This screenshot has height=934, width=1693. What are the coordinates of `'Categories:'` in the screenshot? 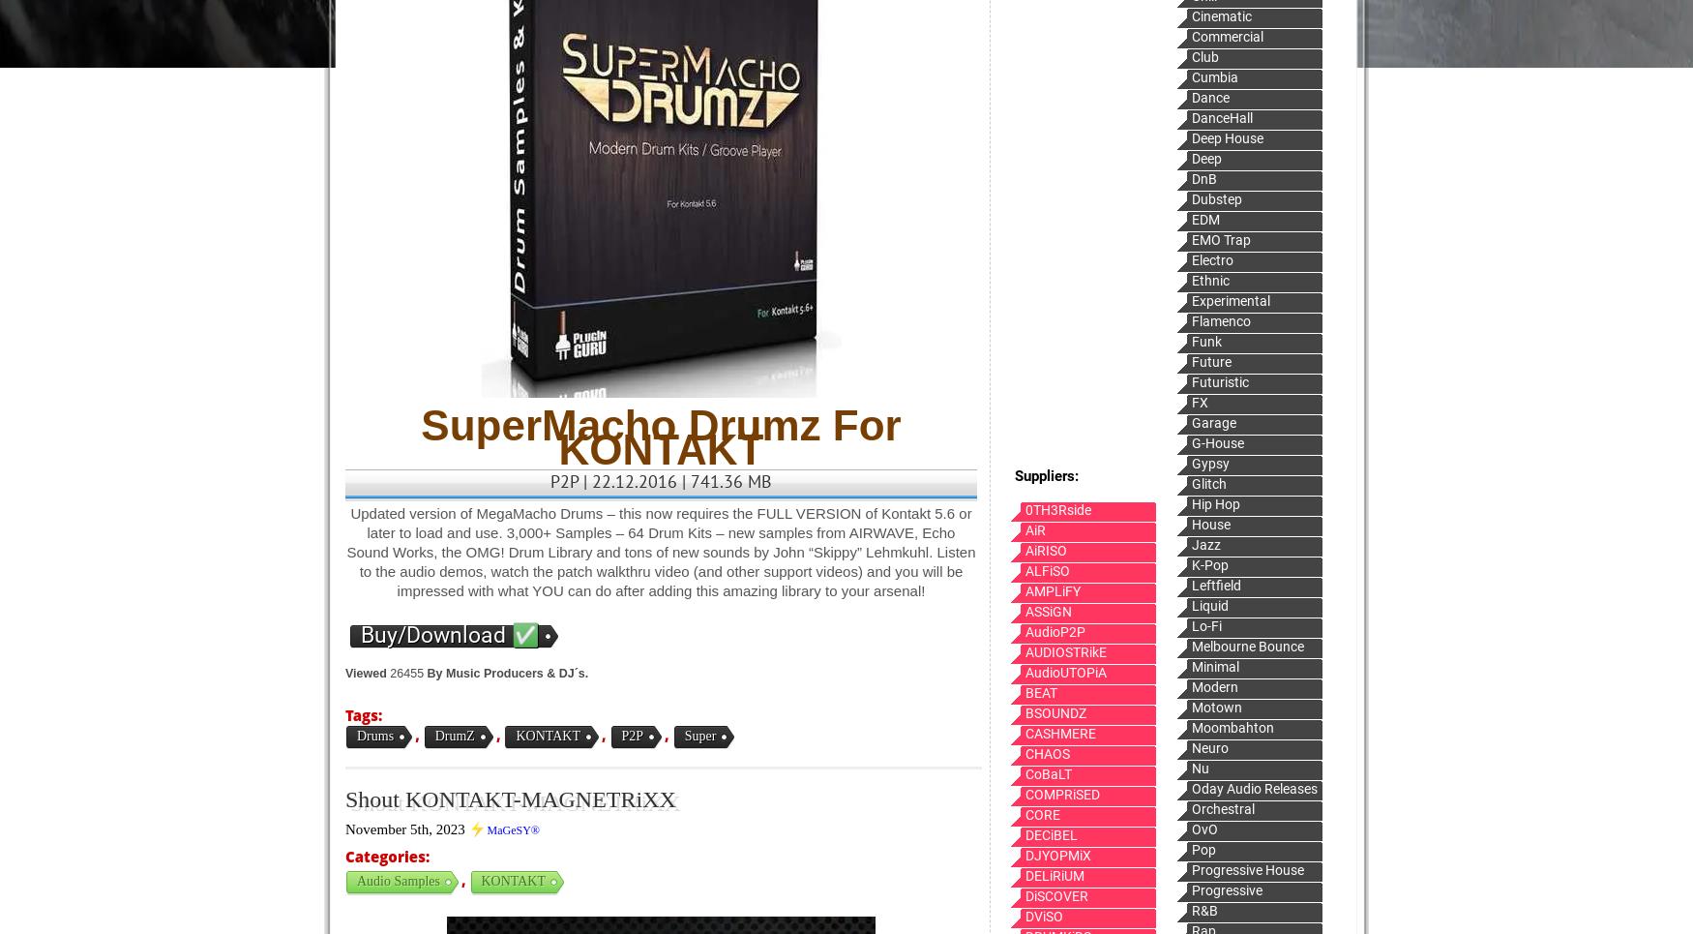 It's located at (386, 857).